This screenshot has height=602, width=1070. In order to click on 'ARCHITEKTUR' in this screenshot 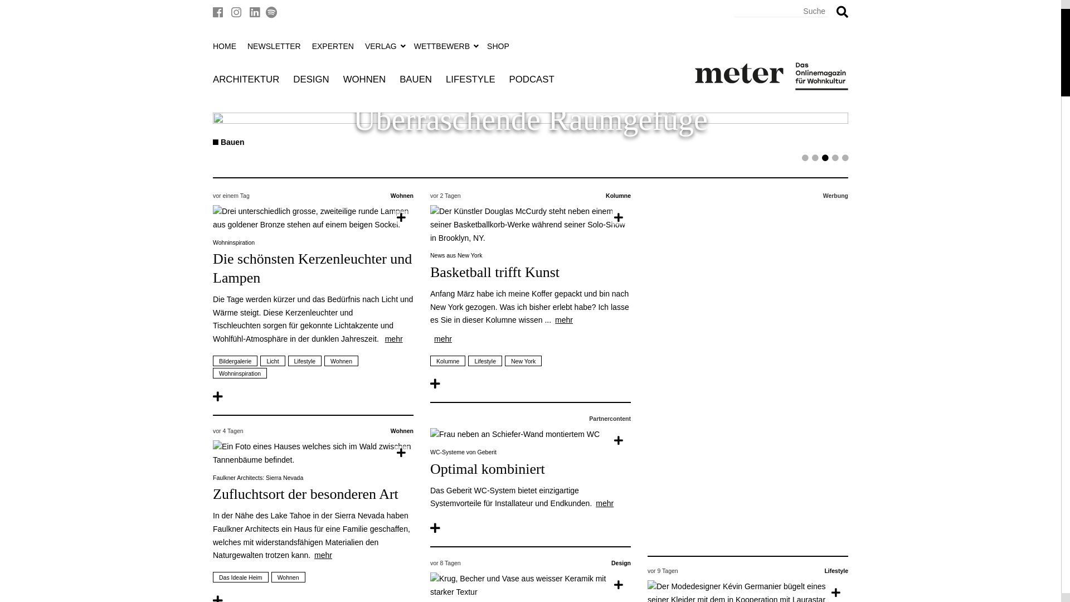, I will do `click(245, 79)`.